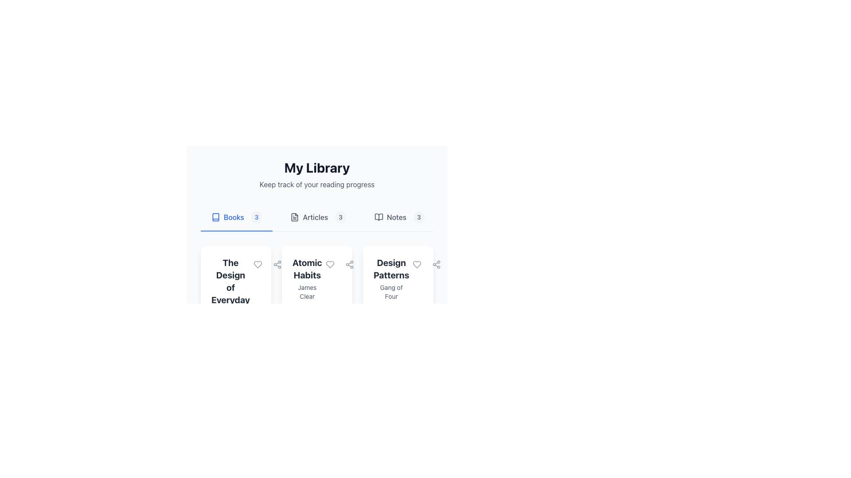  Describe the element at coordinates (215, 217) in the screenshot. I see `the stylized book icon located near the top-left quadrant of the interface, adjacent to the 'Books' label` at that location.